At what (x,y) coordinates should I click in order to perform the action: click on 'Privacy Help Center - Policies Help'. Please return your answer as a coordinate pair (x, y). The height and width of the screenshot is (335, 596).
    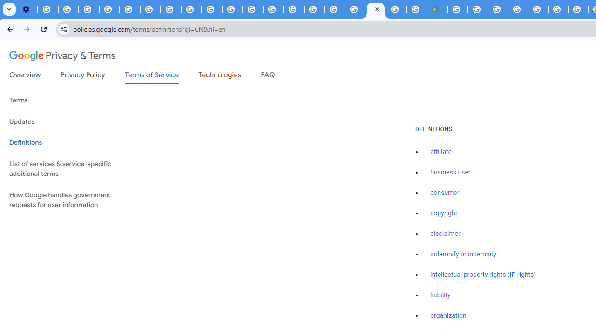
    Looking at the image, I should click on (272, 9).